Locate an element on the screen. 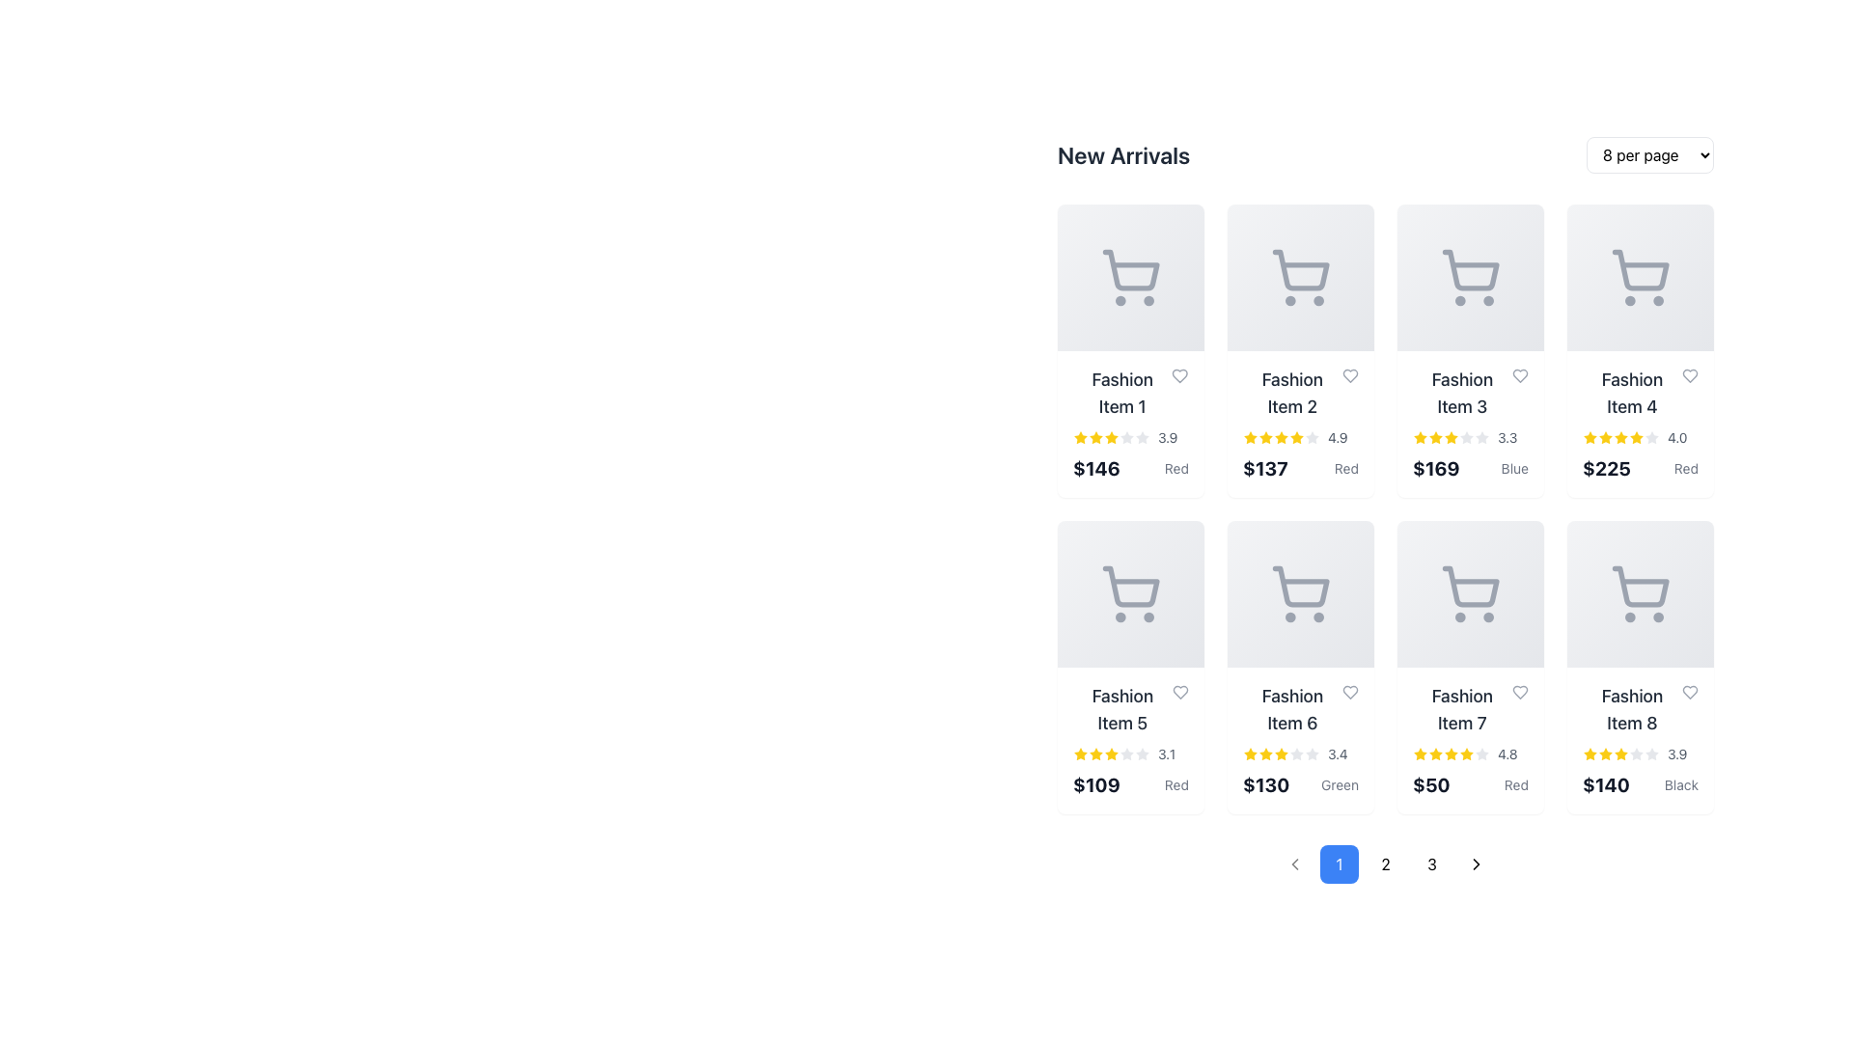 The image size is (1853, 1042). the shopping cart icon with a gradient gray background and rounded corners, located in the top-left corner of the 'New Arrivals' section, above the text 'Fashion Item 1' is located at coordinates (1130, 278).